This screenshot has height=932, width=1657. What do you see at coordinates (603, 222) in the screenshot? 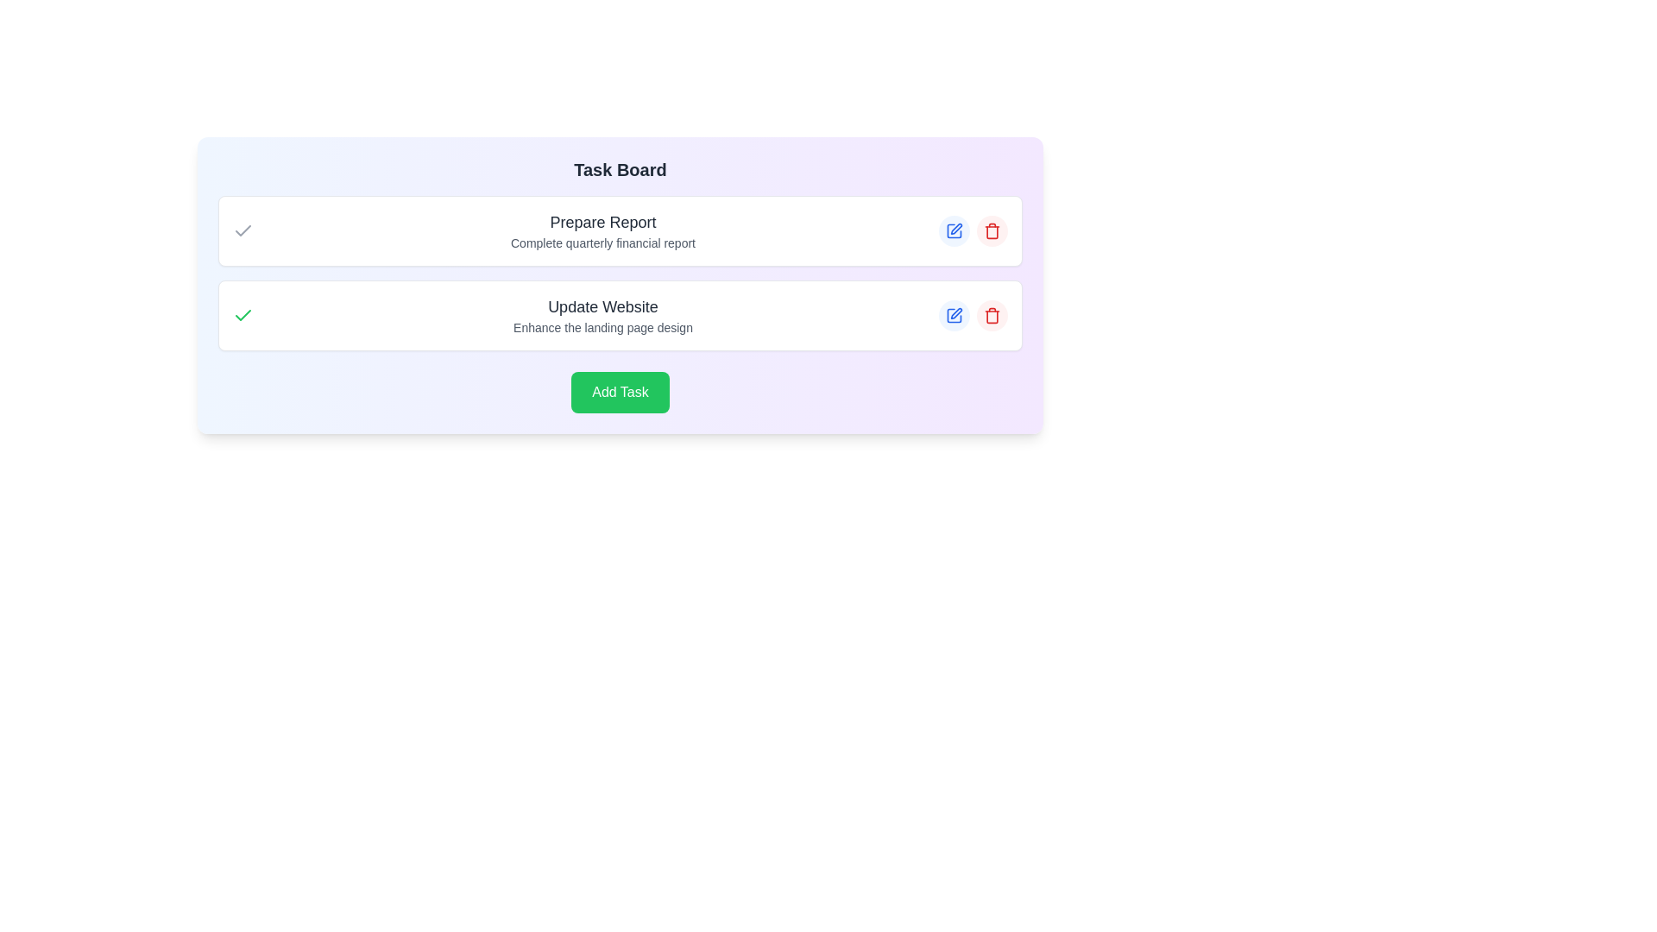
I see `the title text label of a task entry in the 'Task Board' interface, which is positioned above the subtitle 'Complete quarterly financial report'` at bounding box center [603, 222].